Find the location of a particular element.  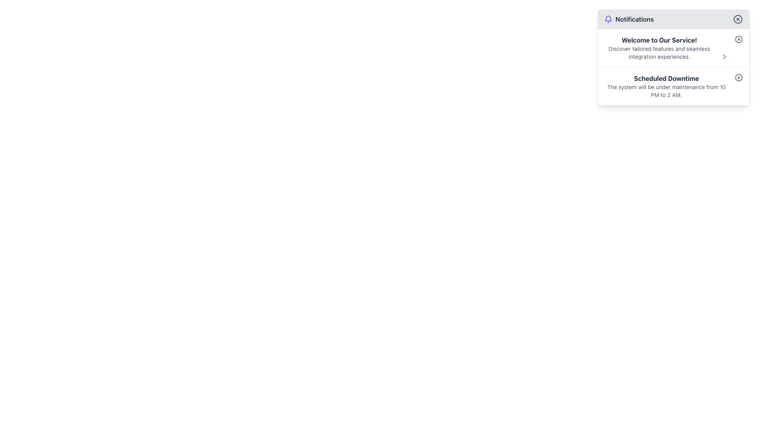

the chevron icon located in the top section of the notification panel, immediately following the text 'Discover tailored features and seamless integration experiences,' is located at coordinates (725, 56).